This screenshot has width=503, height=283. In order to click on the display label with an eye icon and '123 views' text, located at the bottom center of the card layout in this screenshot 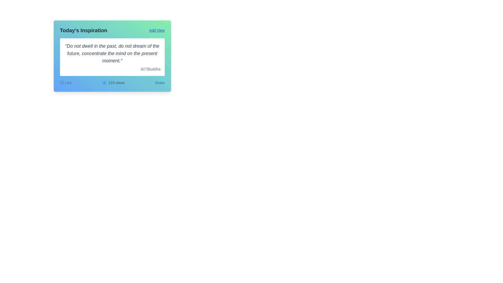, I will do `click(113, 83)`.